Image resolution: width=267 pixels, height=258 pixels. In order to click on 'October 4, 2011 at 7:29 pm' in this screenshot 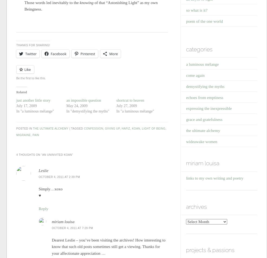, I will do `click(72, 228)`.